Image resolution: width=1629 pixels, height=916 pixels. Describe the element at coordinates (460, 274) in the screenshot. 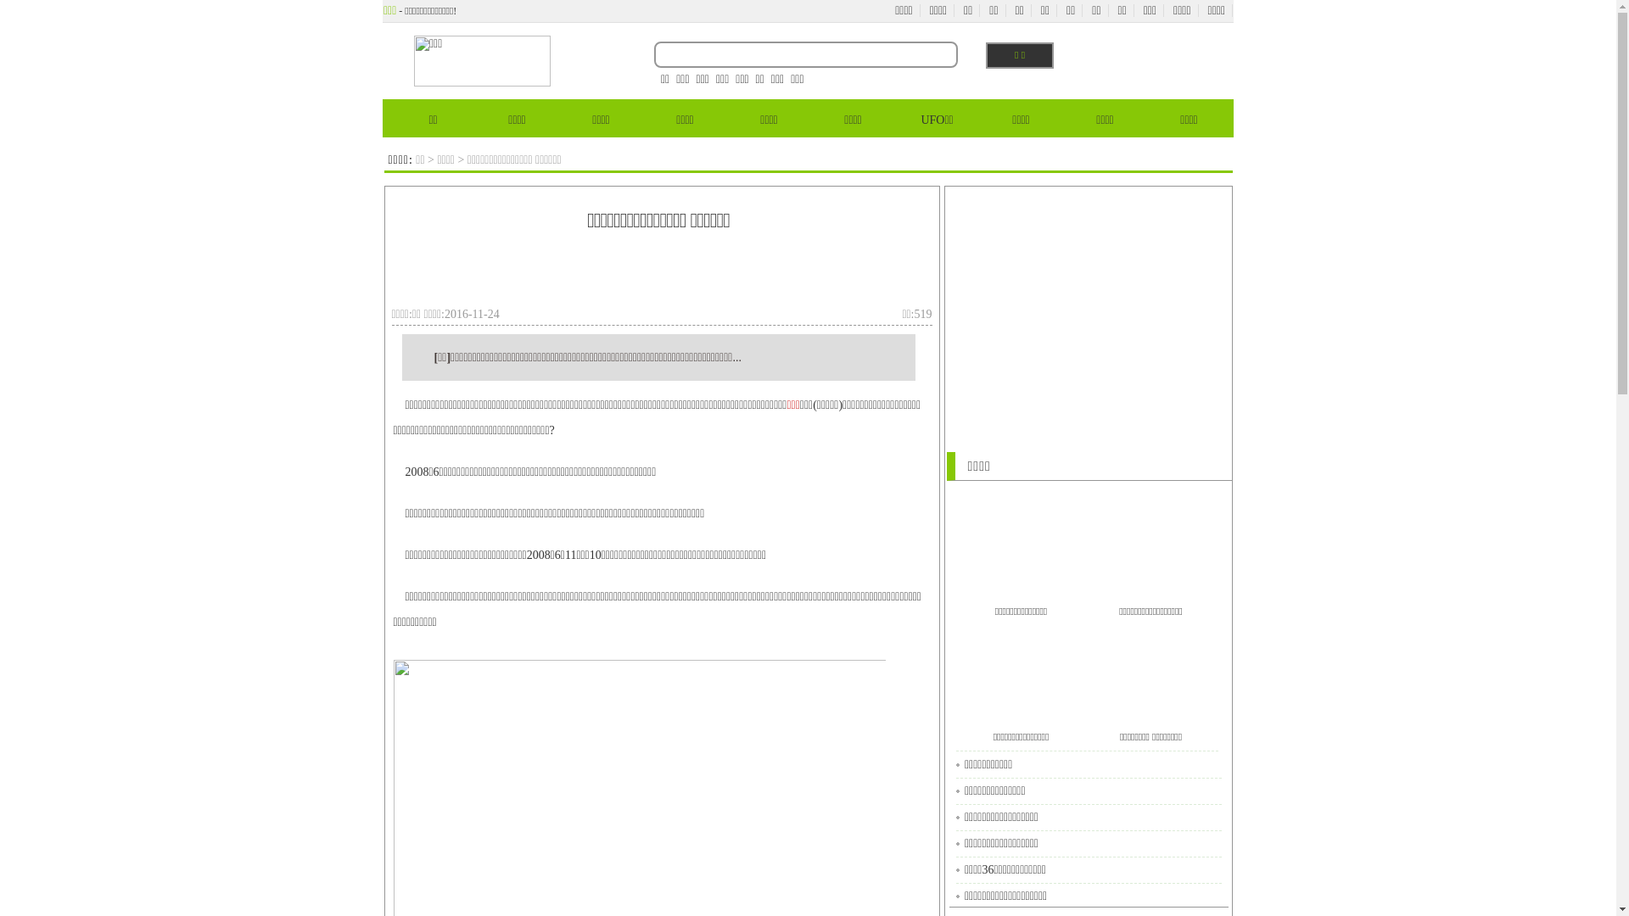

I see `'Advertisement'` at that location.